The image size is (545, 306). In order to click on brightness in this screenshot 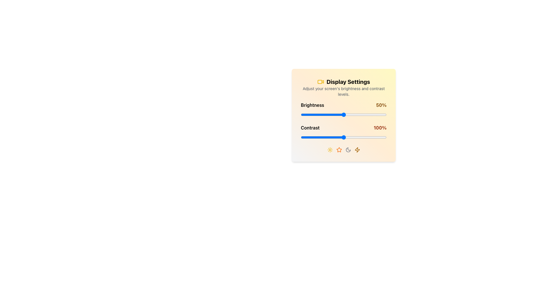, I will do `click(344, 115)`.